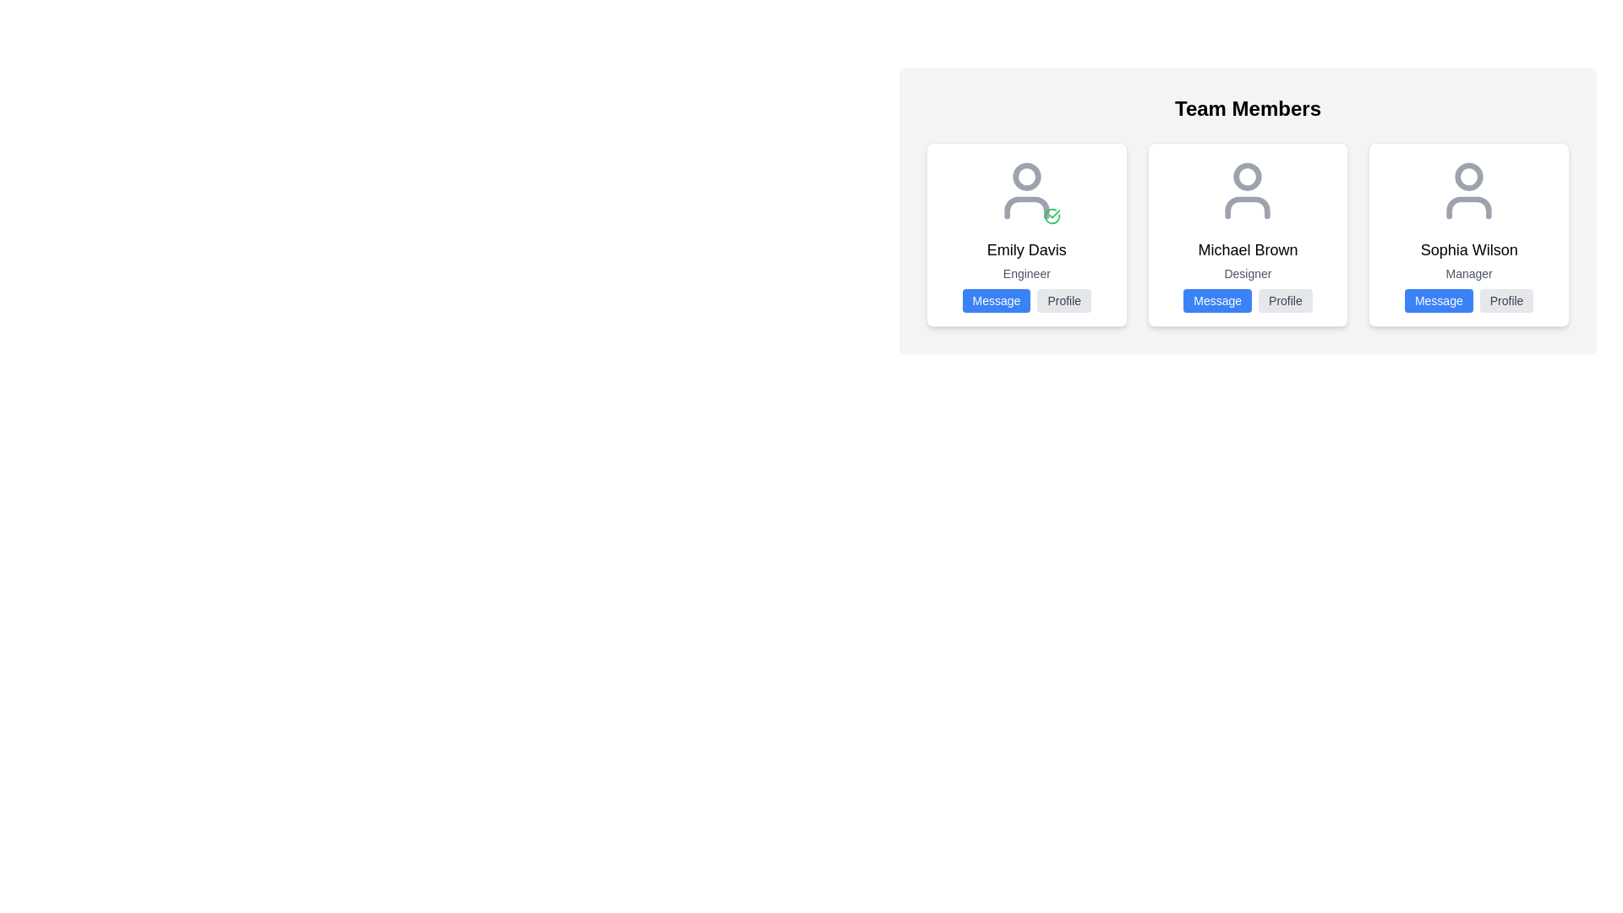 This screenshot has width=1623, height=913. What do you see at coordinates (1248, 177) in the screenshot?
I see `the SVG Circle Element representing the head of the user icon for 'Michael Brown, Designer' in the 'Team Members' section` at bounding box center [1248, 177].